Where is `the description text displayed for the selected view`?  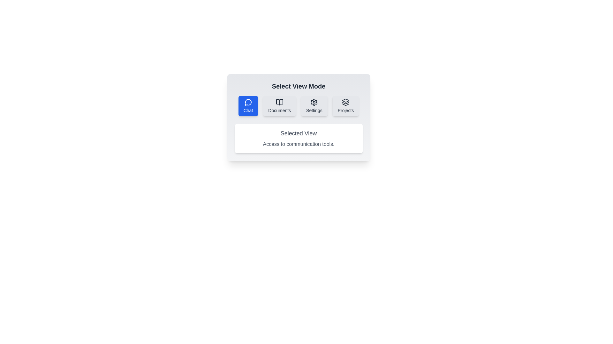 the description text displayed for the selected view is located at coordinates (298, 138).